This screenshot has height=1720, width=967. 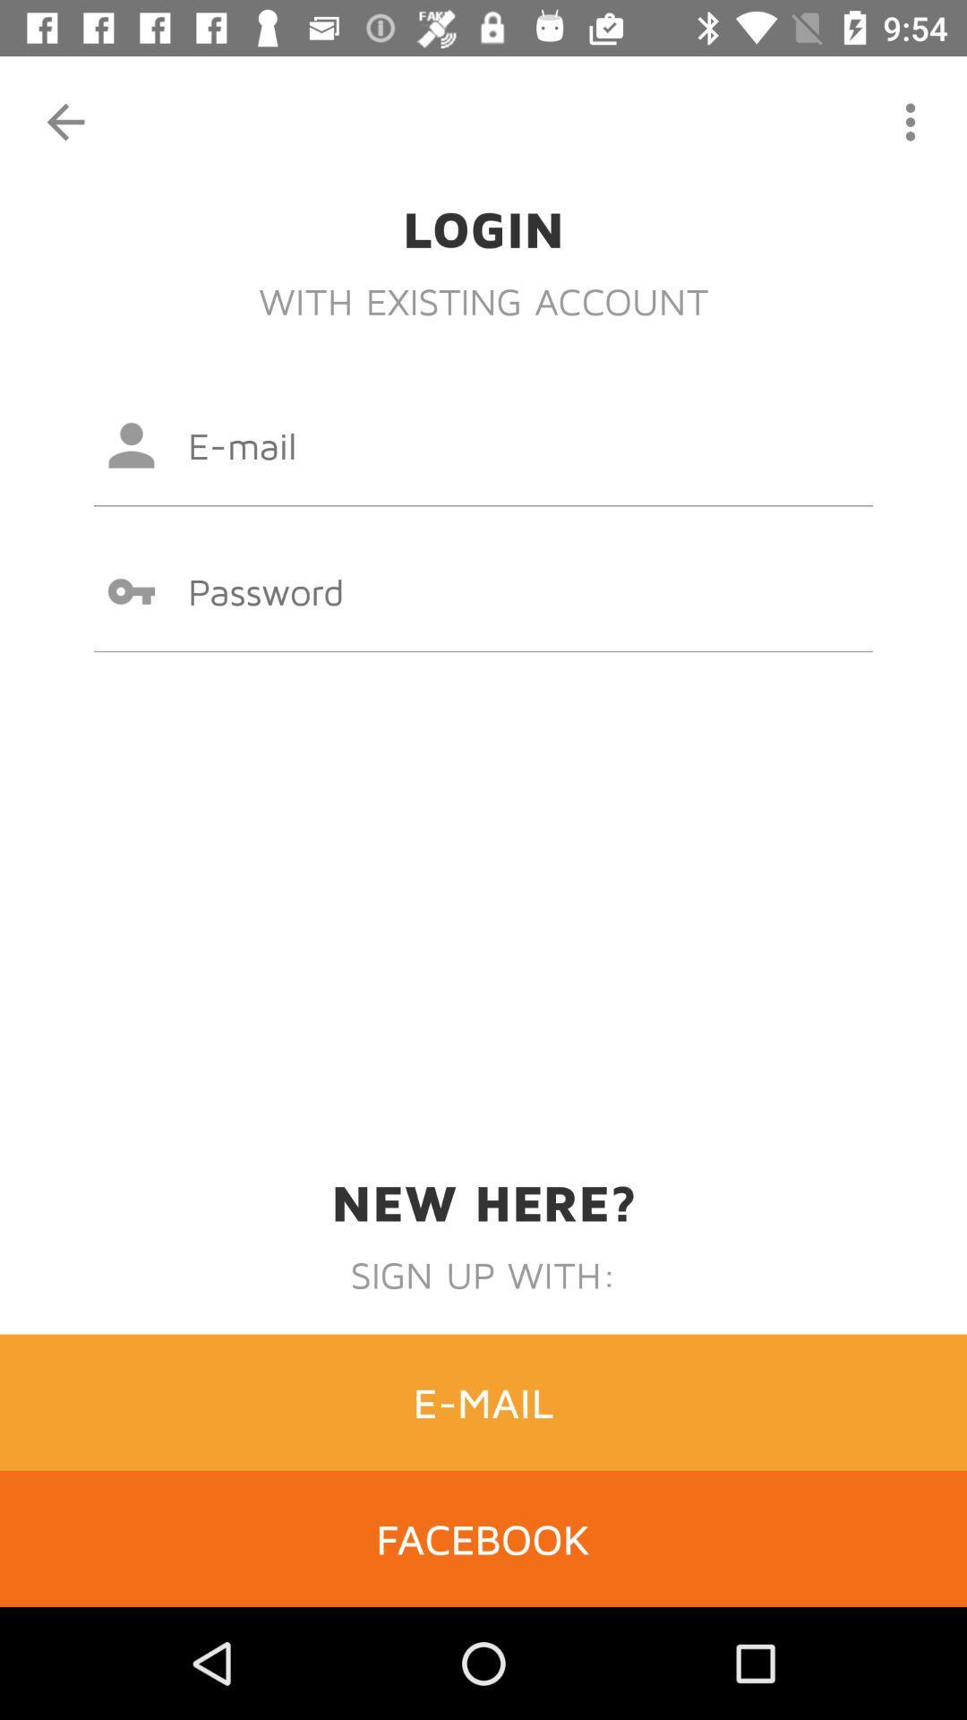 I want to click on item above the facebook, so click(x=483, y=1401).